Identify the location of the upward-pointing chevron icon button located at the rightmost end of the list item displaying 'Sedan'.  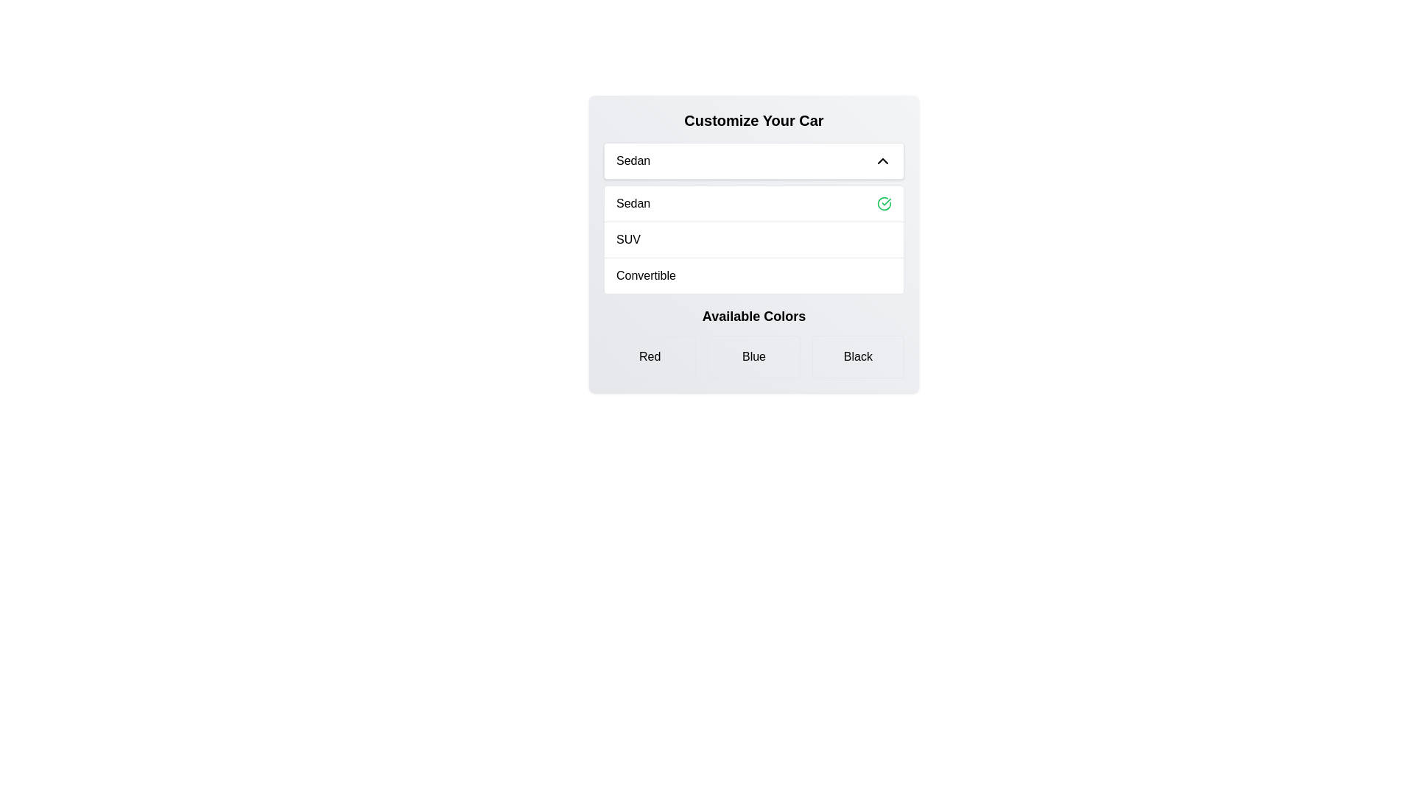
(883, 161).